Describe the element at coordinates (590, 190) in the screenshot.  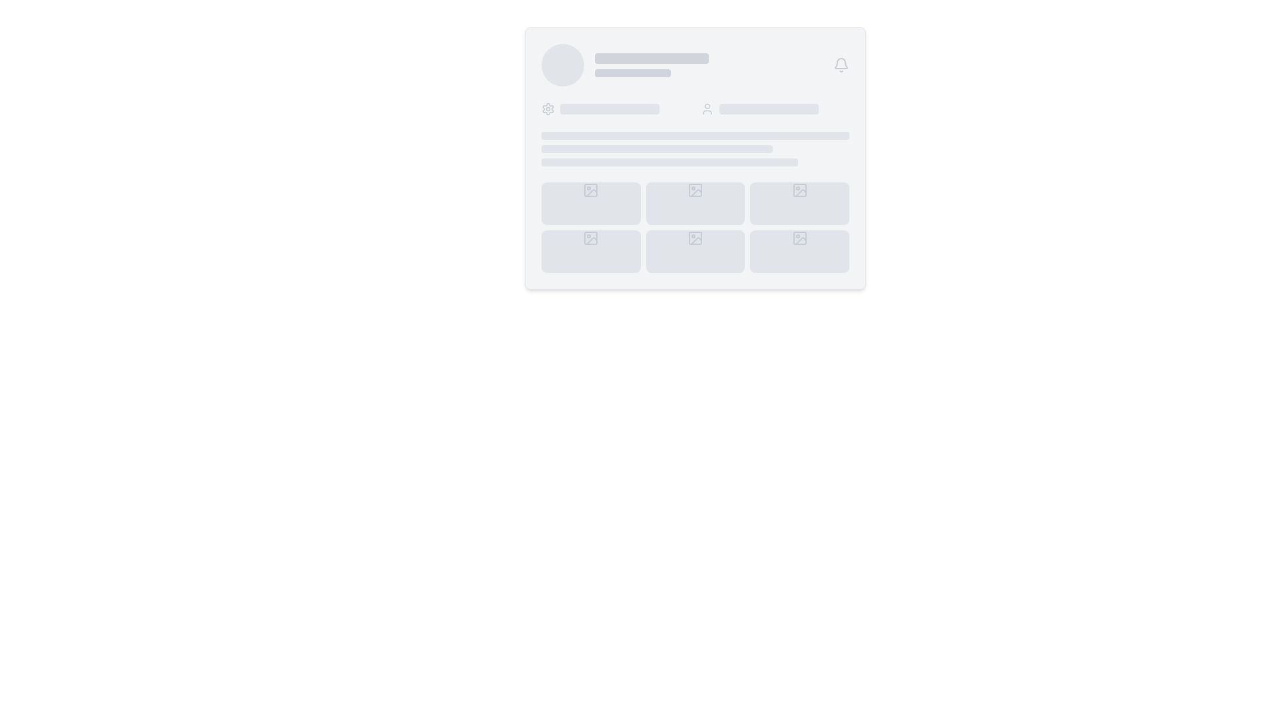
I see `the placeholder or preview box located in the first row, first column of the grid, which has a solid border and a light interior color to interact with it` at that location.